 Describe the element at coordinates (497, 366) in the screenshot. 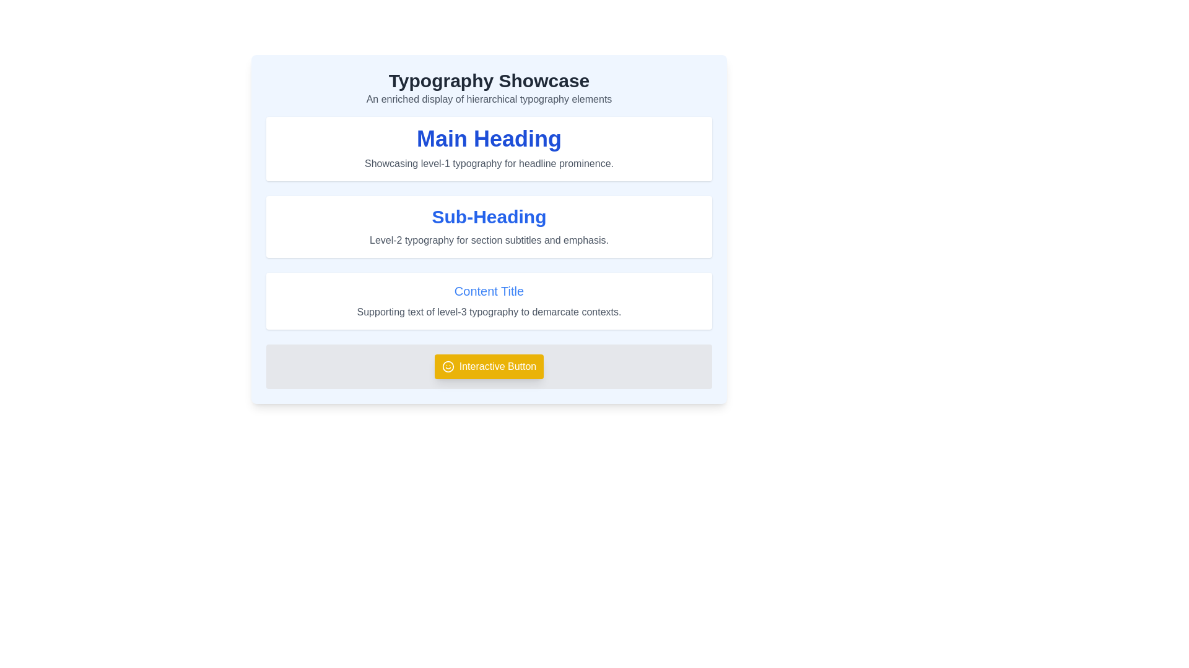

I see `the 'Interactive Button' text label, which is styled with a bold white font on a bright yellow background` at that location.